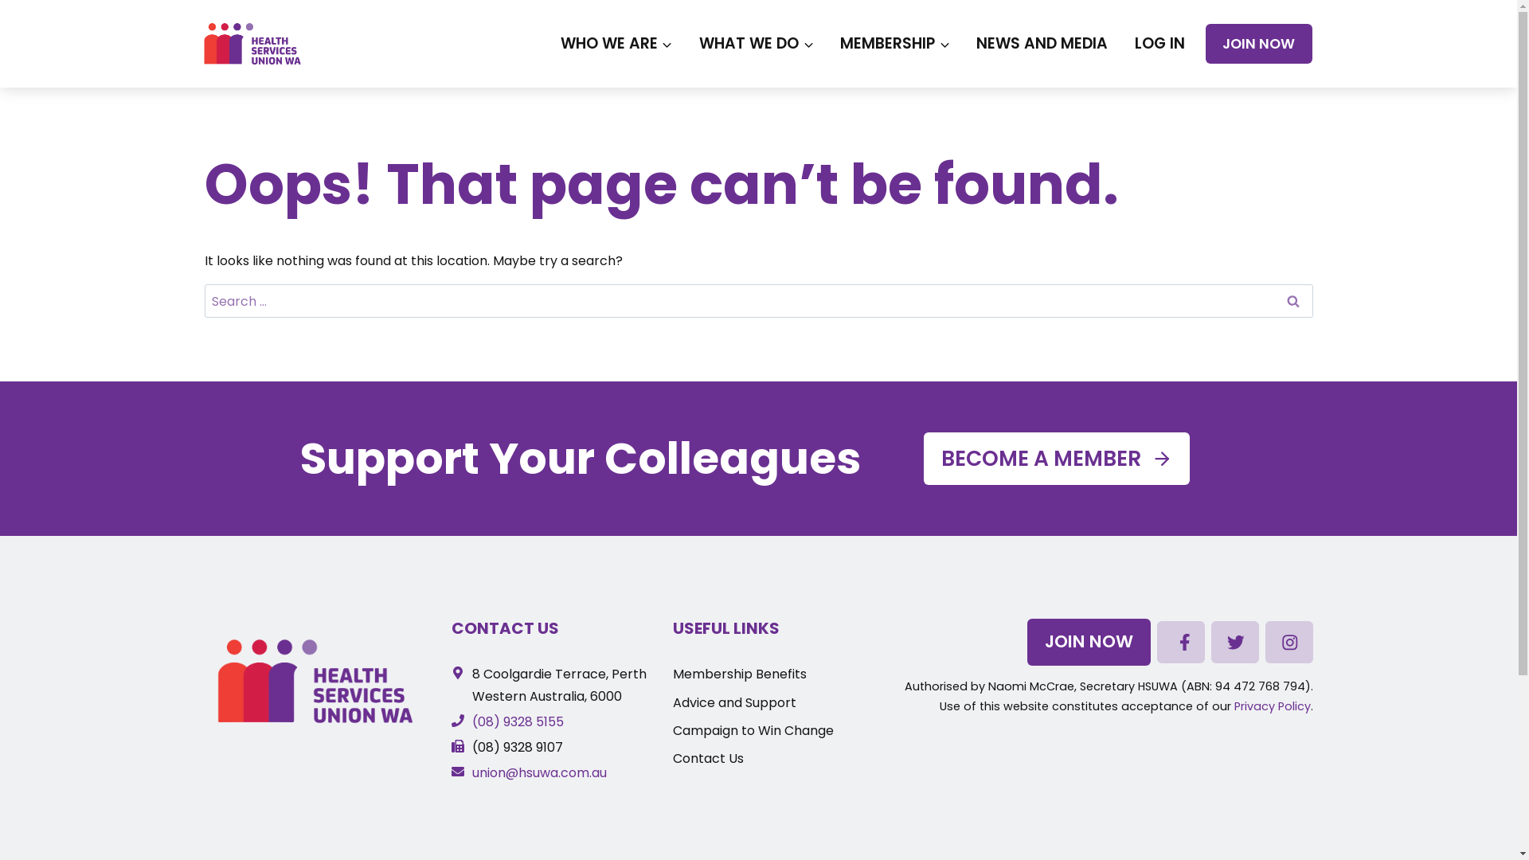 This screenshot has height=860, width=1529. I want to click on 'Advice and Support', so click(672, 702).